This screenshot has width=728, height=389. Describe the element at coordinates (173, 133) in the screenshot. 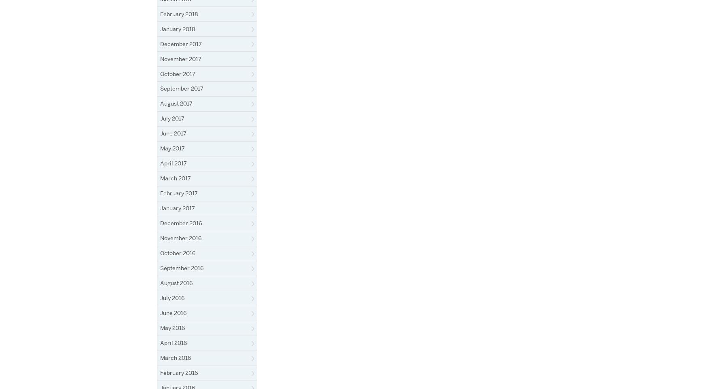

I see `'June 2017'` at that location.